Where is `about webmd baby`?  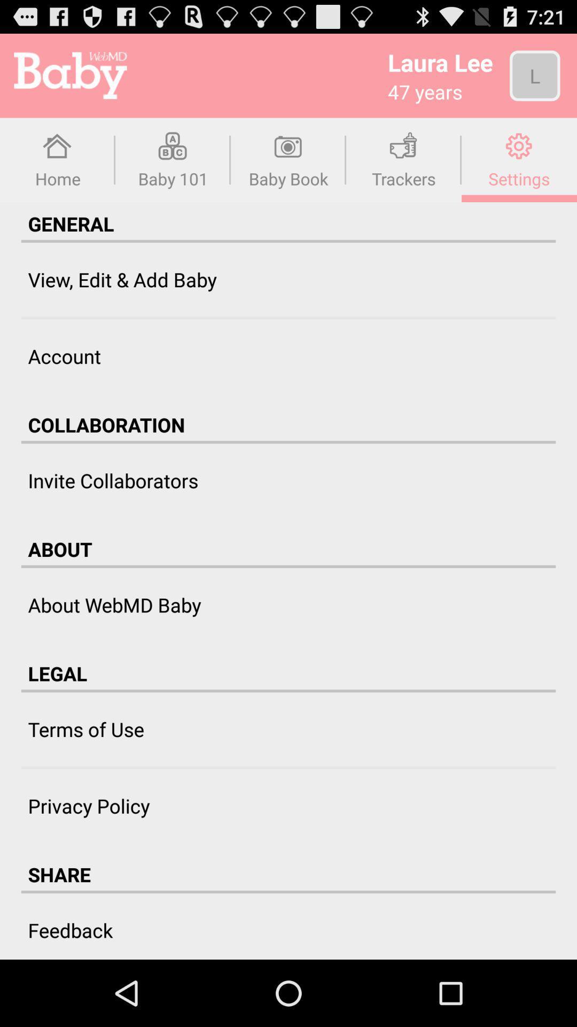 about webmd baby is located at coordinates (114, 605).